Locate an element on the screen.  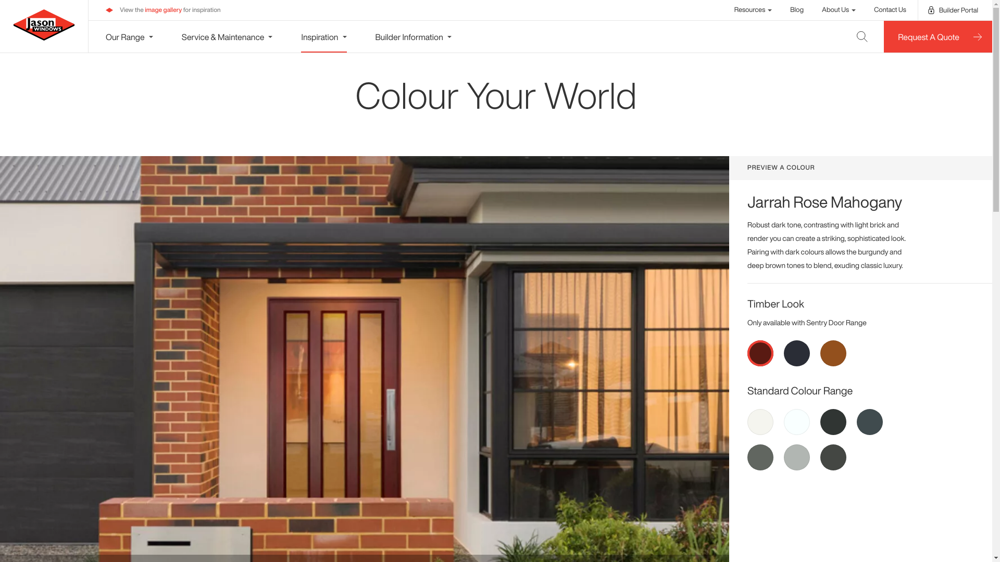
'Contact Us' is located at coordinates (874, 9).